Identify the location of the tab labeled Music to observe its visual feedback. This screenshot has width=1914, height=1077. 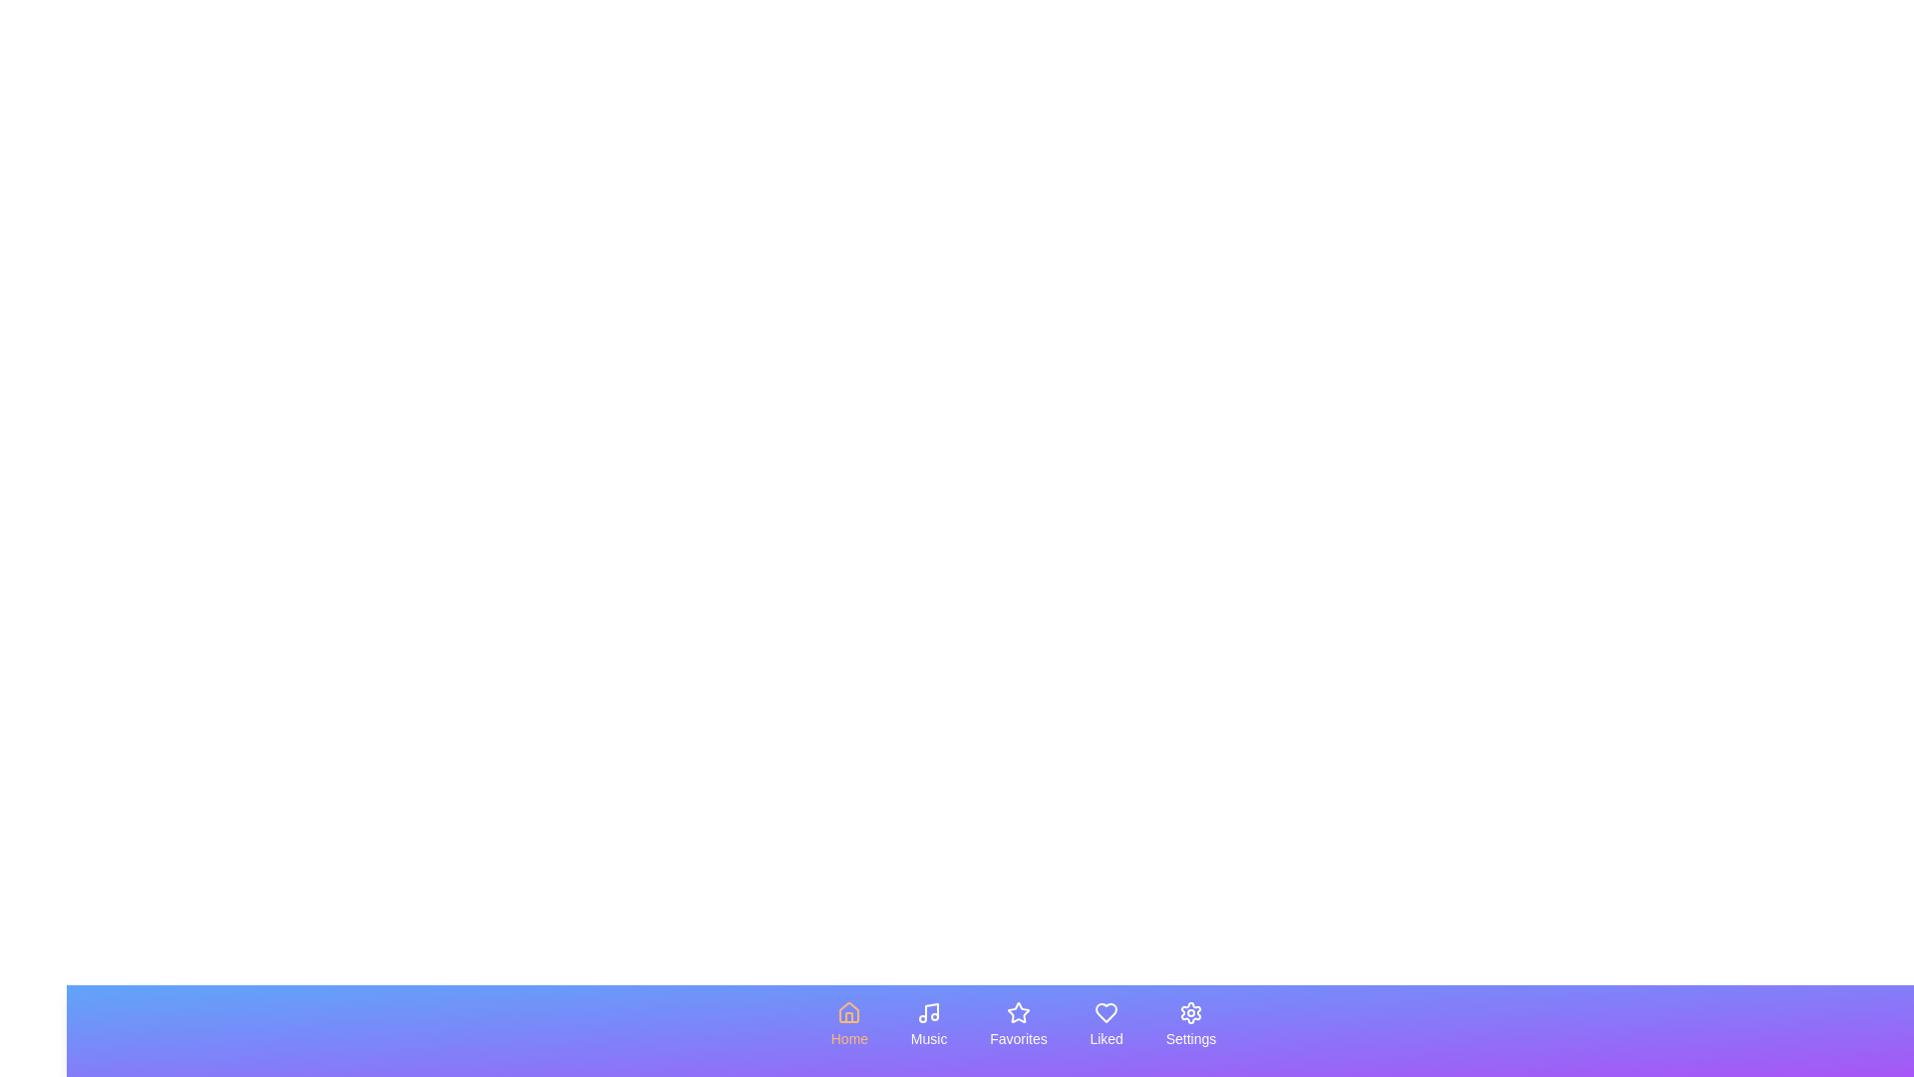
(927, 1025).